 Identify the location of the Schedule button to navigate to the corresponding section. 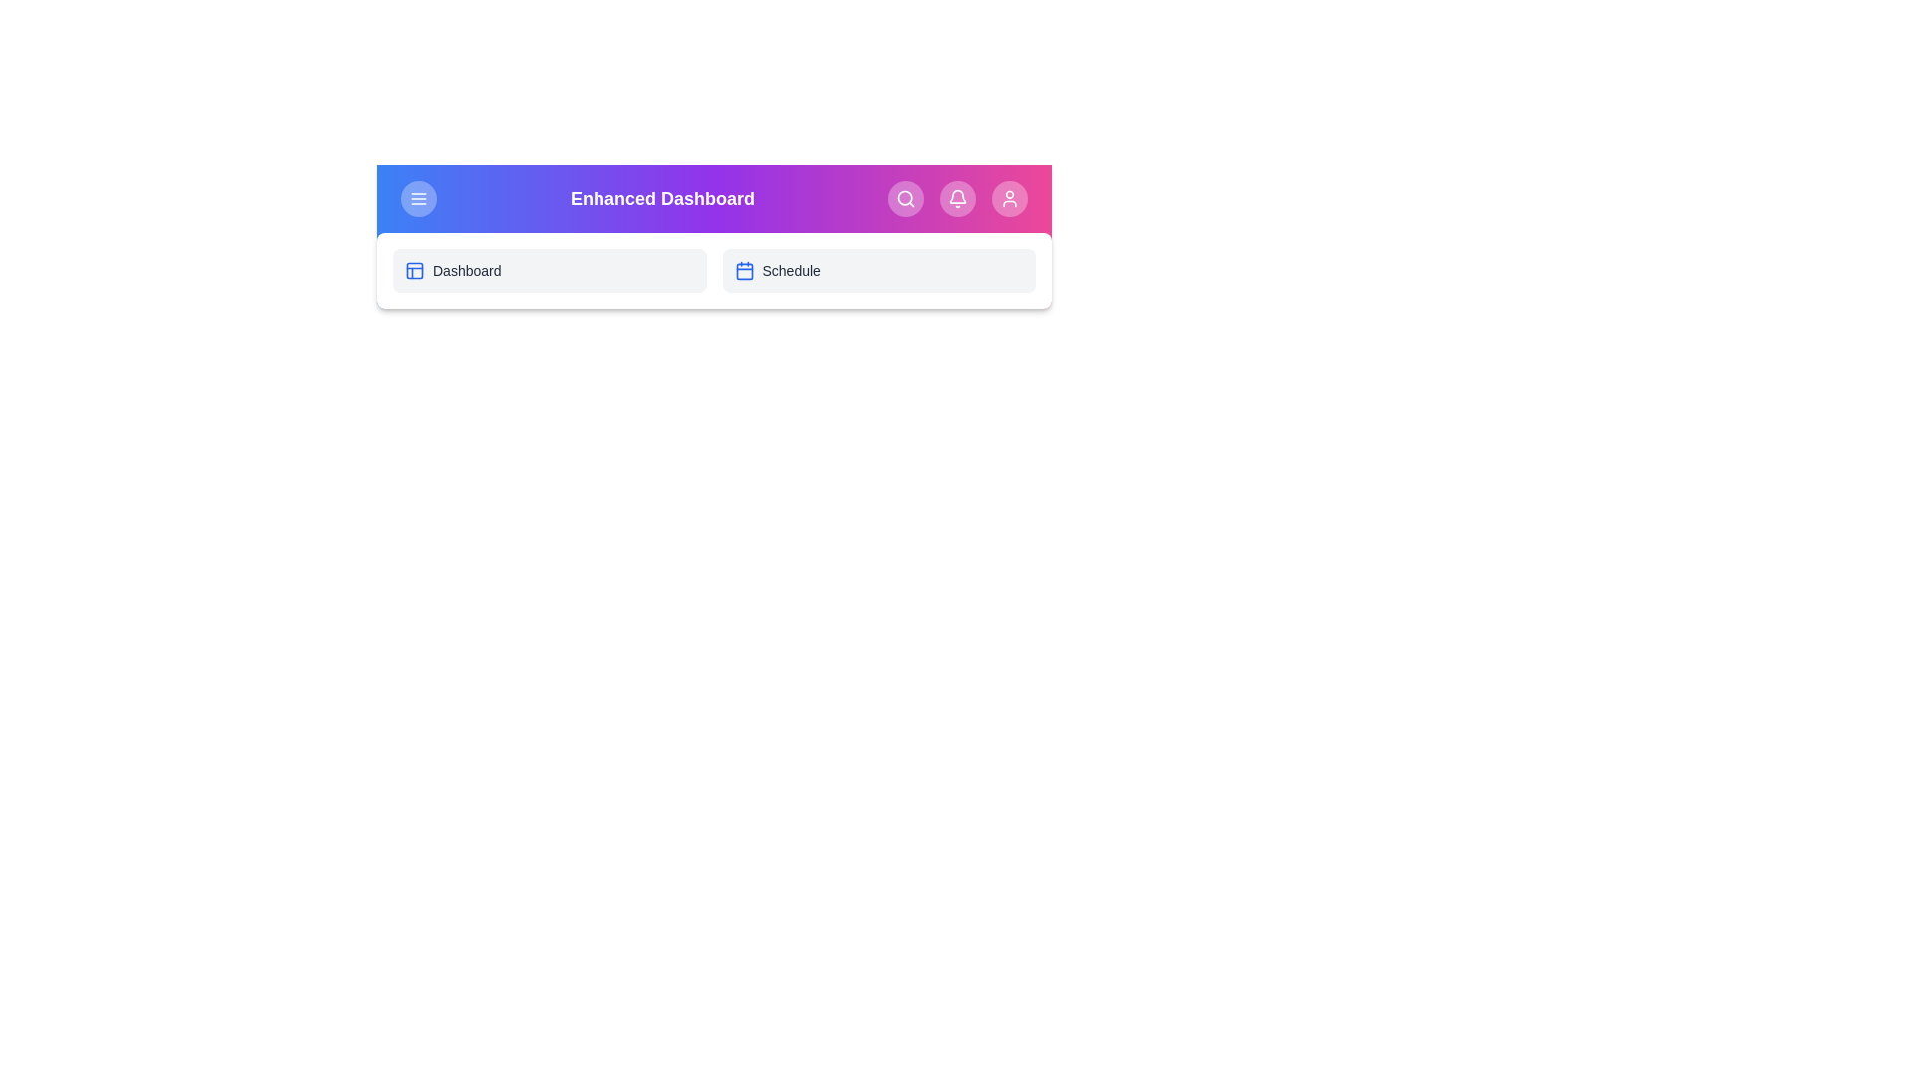
(877, 271).